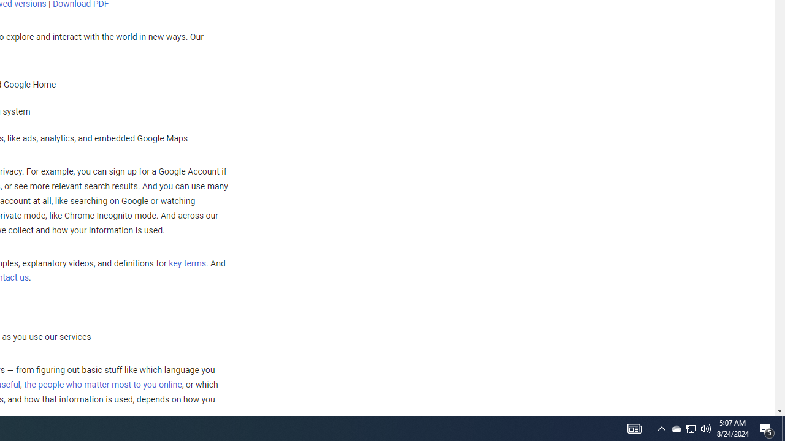 The image size is (785, 441). What do you see at coordinates (186, 263) in the screenshot?
I see `'key terms'` at bounding box center [186, 263].